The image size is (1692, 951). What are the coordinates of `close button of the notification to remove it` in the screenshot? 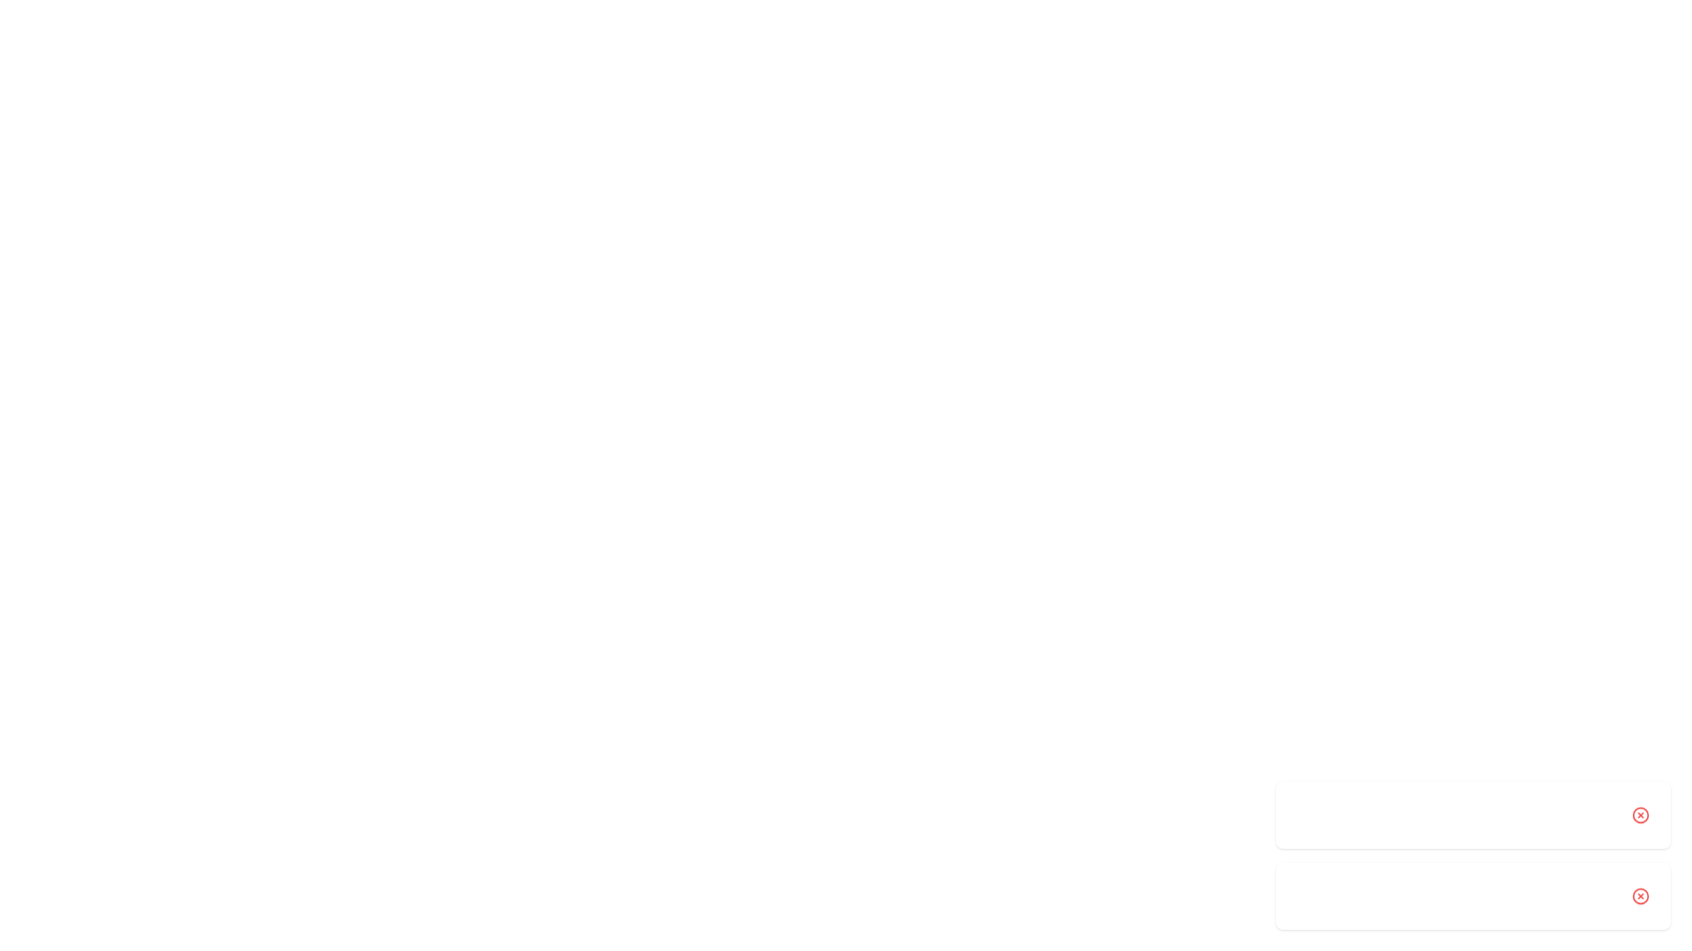 It's located at (1640, 815).